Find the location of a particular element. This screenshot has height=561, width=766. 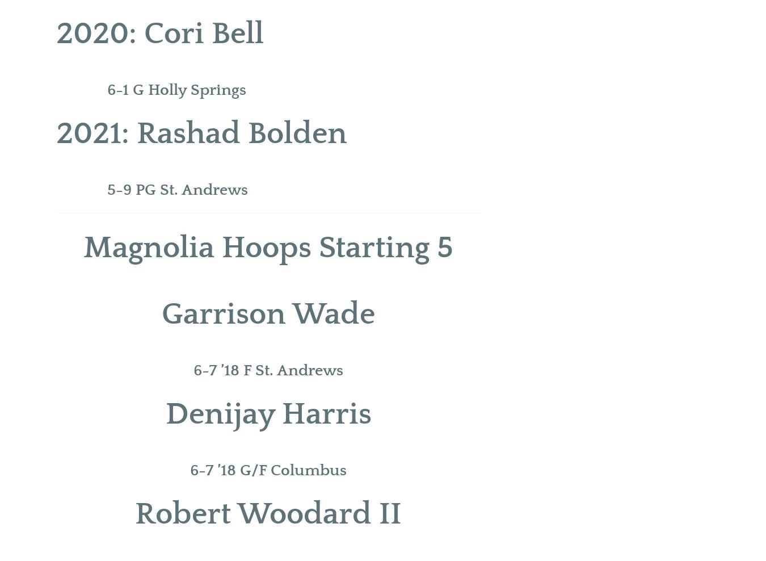

'5-9 PG St. Andrews' is located at coordinates (107, 190).